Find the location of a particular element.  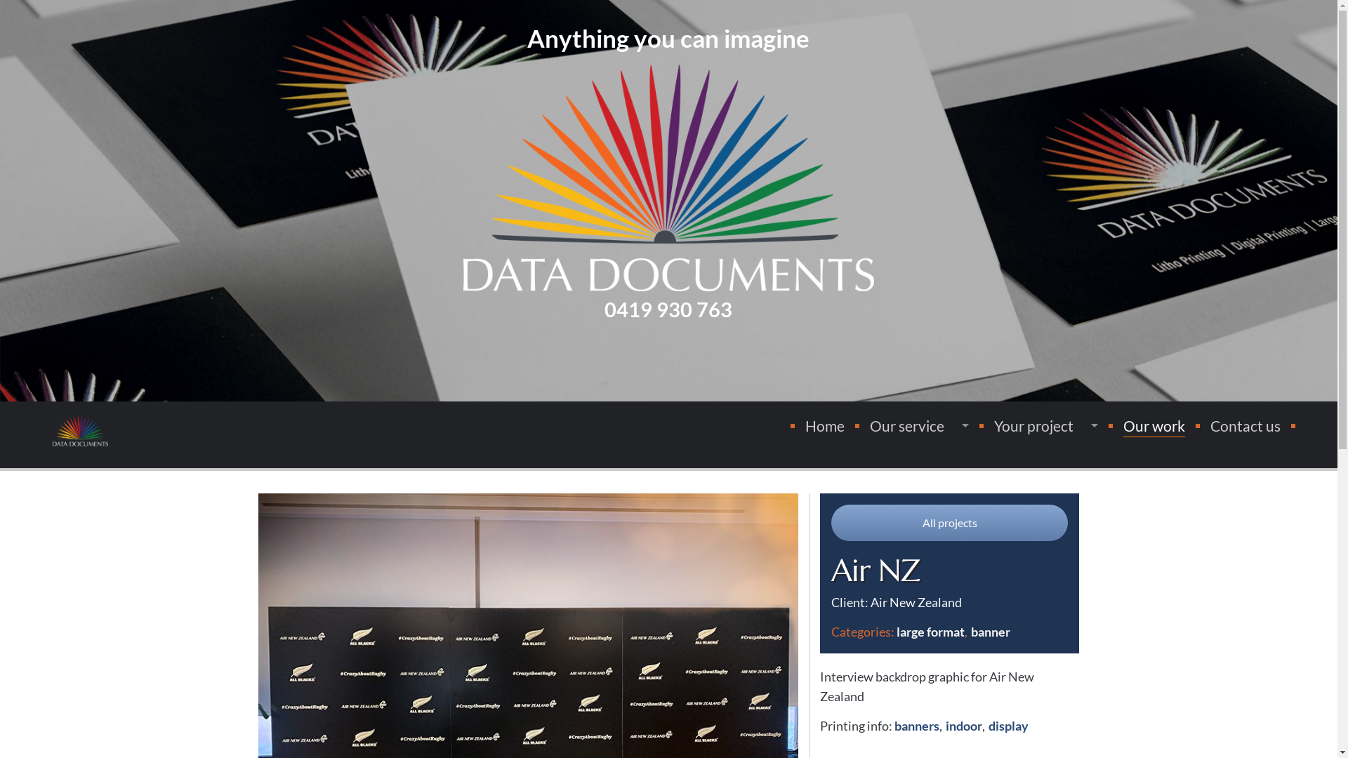

'Types of printing' is located at coordinates (913, 452).